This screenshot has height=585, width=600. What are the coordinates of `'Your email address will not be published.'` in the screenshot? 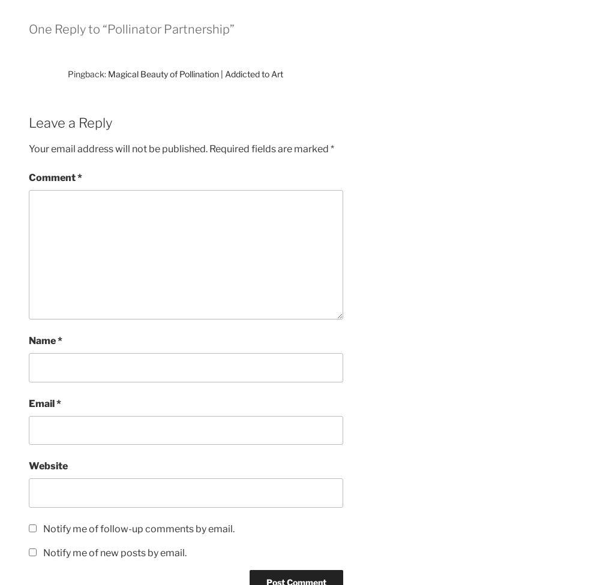 It's located at (29, 149).